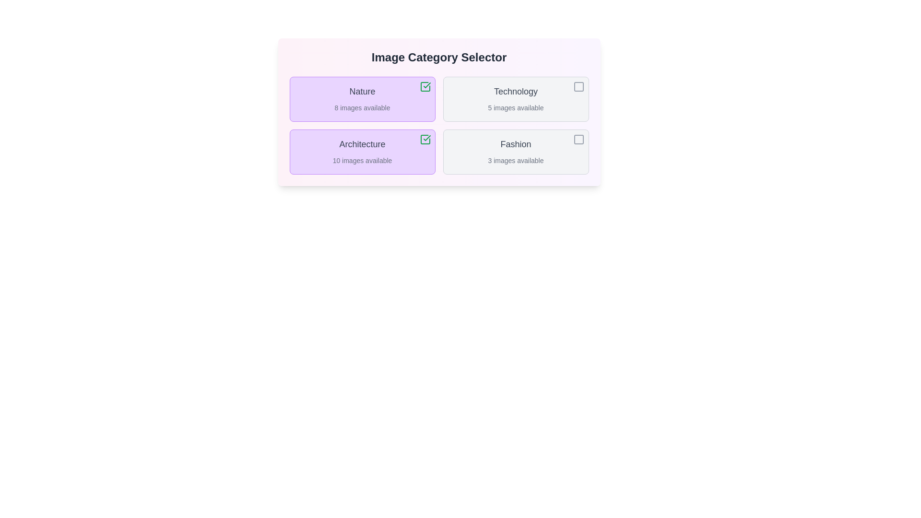 The width and height of the screenshot is (921, 518). What do you see at coordinates (362, 151) in the screenshot?
I see `the category Architecture to observe its hover effect` at bounding box center [362, 151].